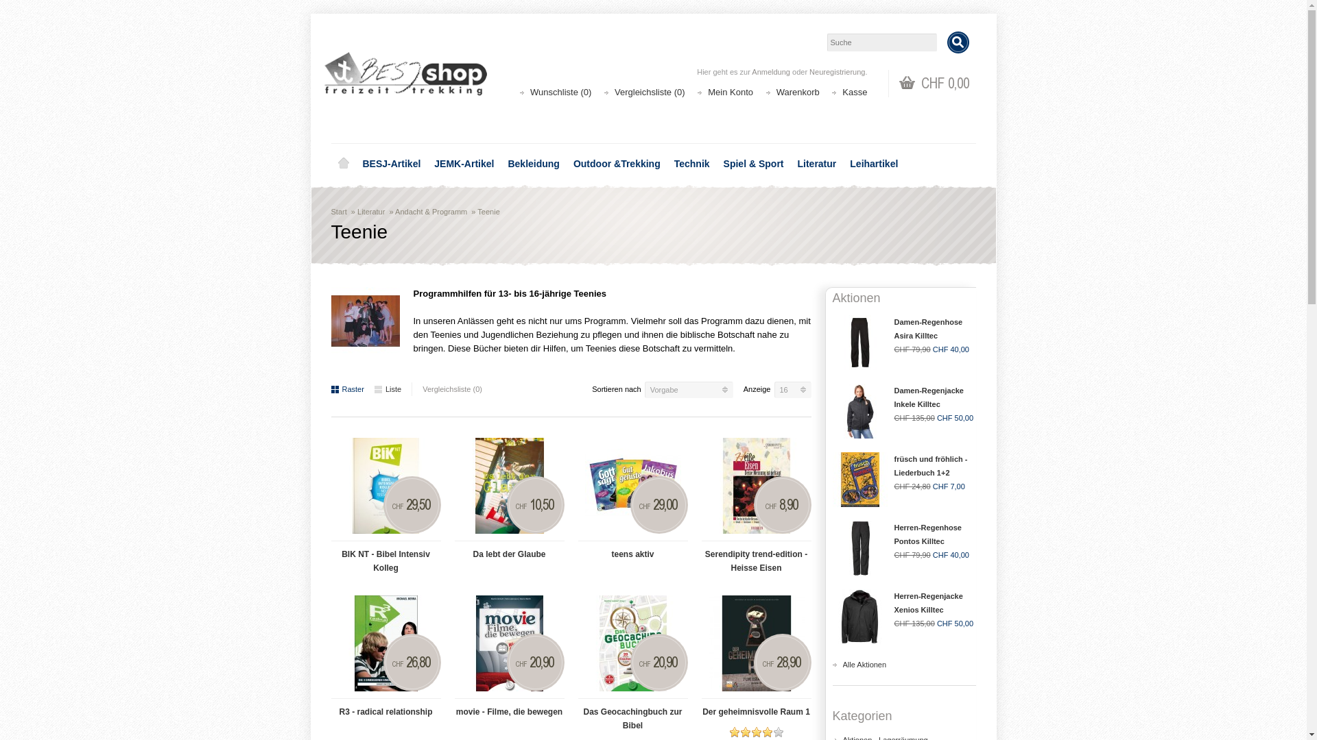 The height and width of the screenshot is (740, 1317). Describe the element at coordinates (616, 163) in the screenshot. I see `'Outdoor &Trekking'` at that location.